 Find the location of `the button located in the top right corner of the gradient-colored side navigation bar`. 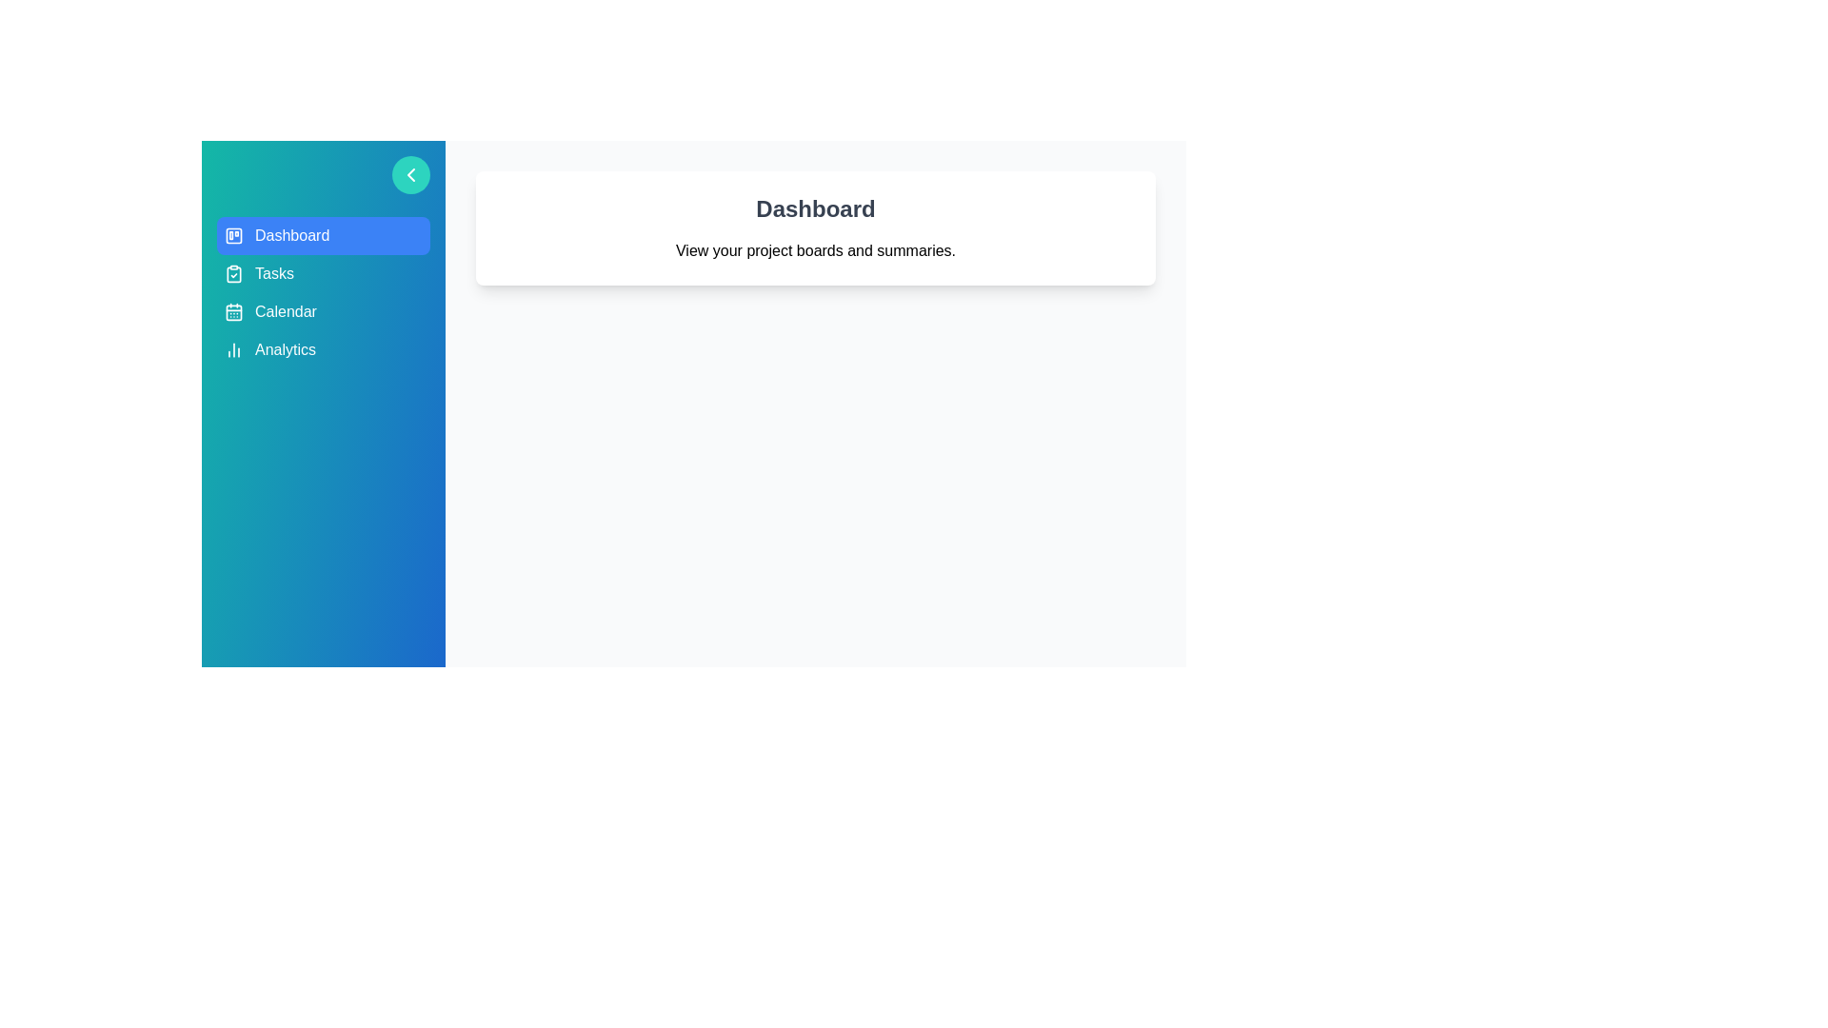

the button located in the top right corner of the gradient-colored side navigation bar is located at coordinates (410, 175).